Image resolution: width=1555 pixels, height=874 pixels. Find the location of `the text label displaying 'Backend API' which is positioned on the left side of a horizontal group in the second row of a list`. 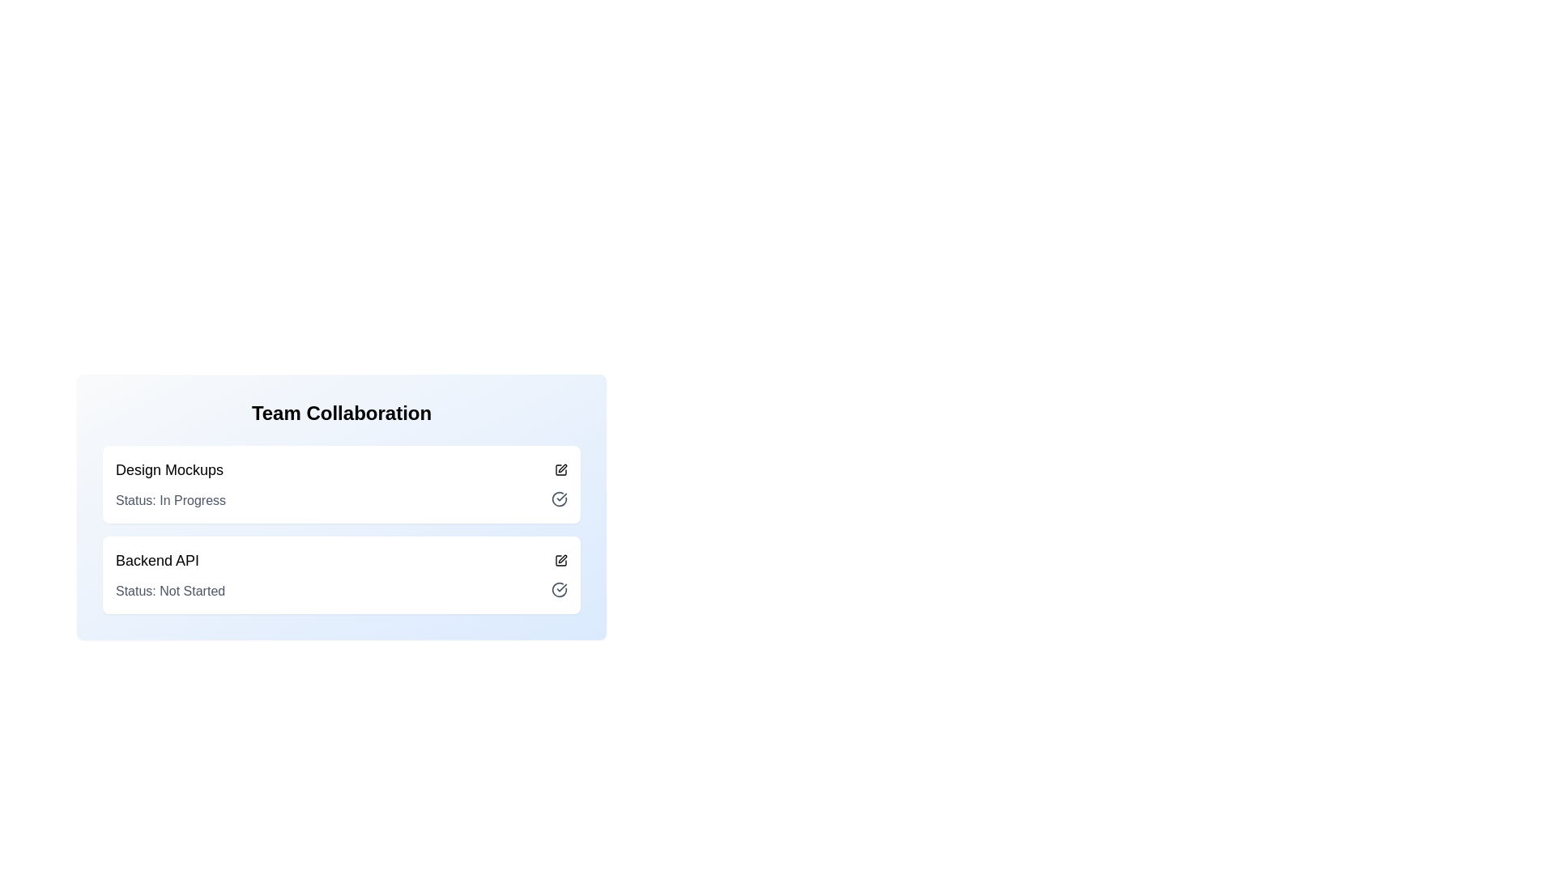

the text label displaying 'Backend API' which is positioned on the left side of a horizontal group in the second row of a list is located at coordinates (157, 560).